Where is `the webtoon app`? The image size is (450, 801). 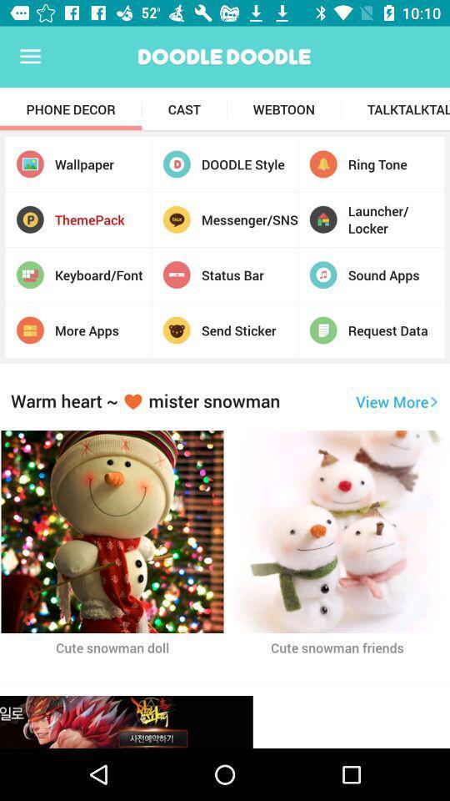
the webtoon app is located at coordinates (282, 108).